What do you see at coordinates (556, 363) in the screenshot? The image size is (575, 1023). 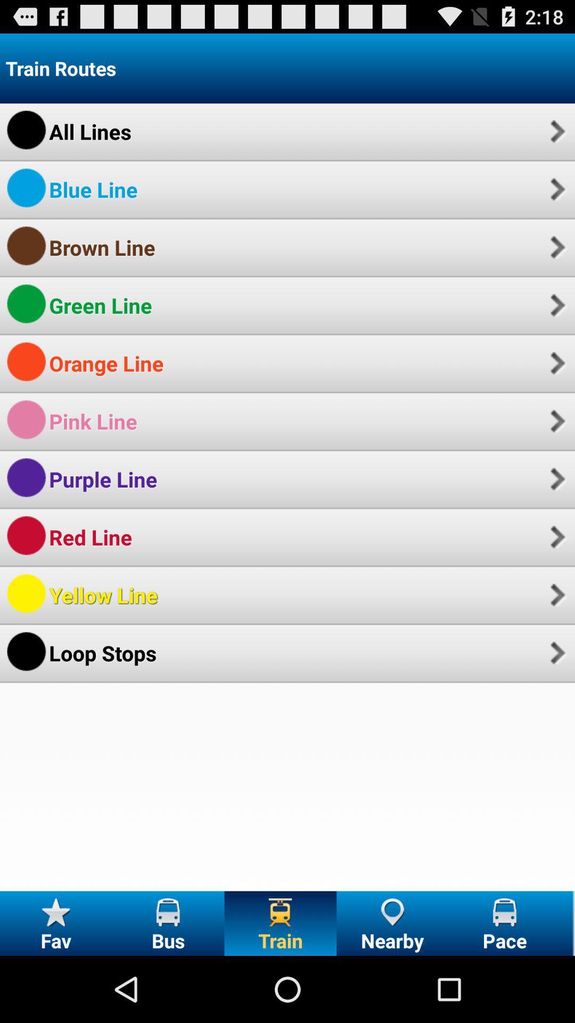 I see `the icon to the right of the orange line` at bounding box center [556, 363].